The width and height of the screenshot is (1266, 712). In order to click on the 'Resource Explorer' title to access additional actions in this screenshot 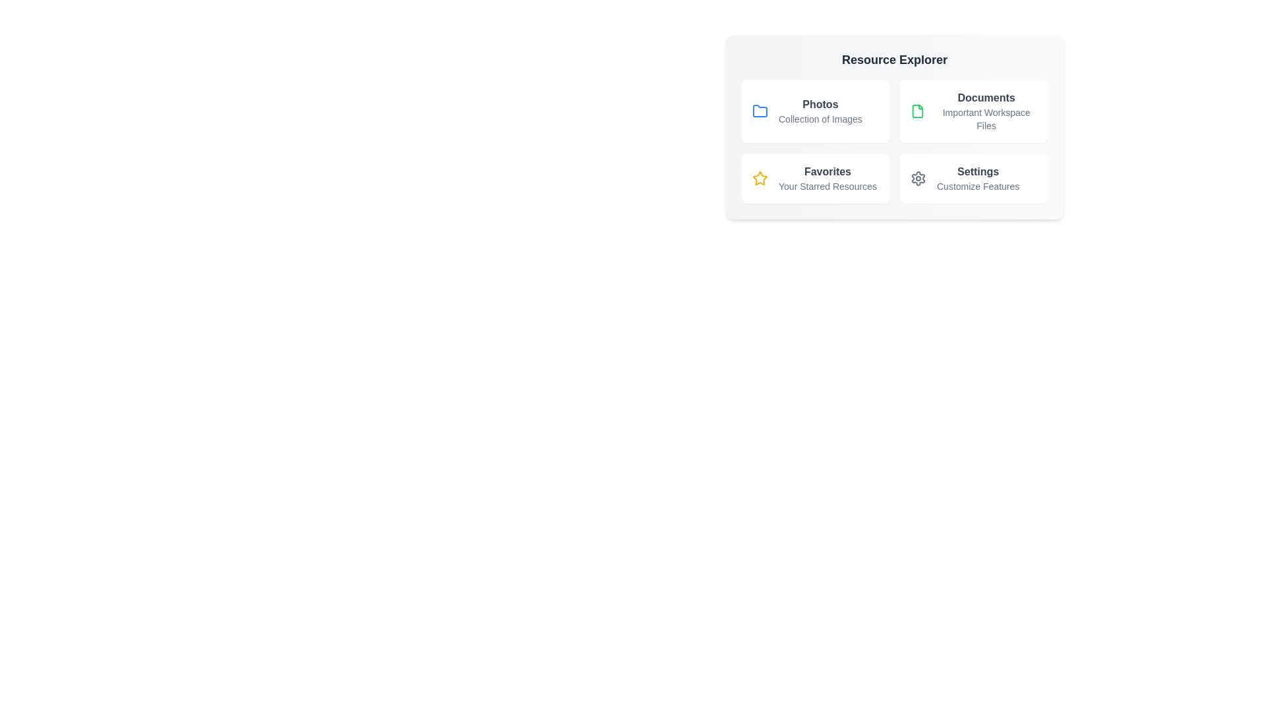, I will do `click(895, 60)`.